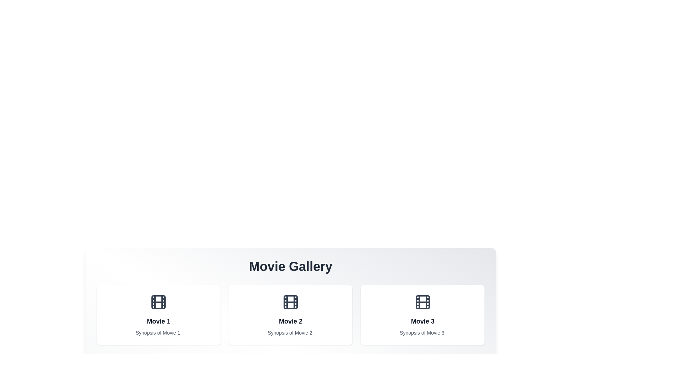 Image resolution: width=684 pixels, height=384 pixels. Describe the element at coordinates (158, 302) in the screenshot. I see `the movie film icon styled with a grid pattern, which is positioned at the top center of the card displaying information about 'Movie 1'` at that location.